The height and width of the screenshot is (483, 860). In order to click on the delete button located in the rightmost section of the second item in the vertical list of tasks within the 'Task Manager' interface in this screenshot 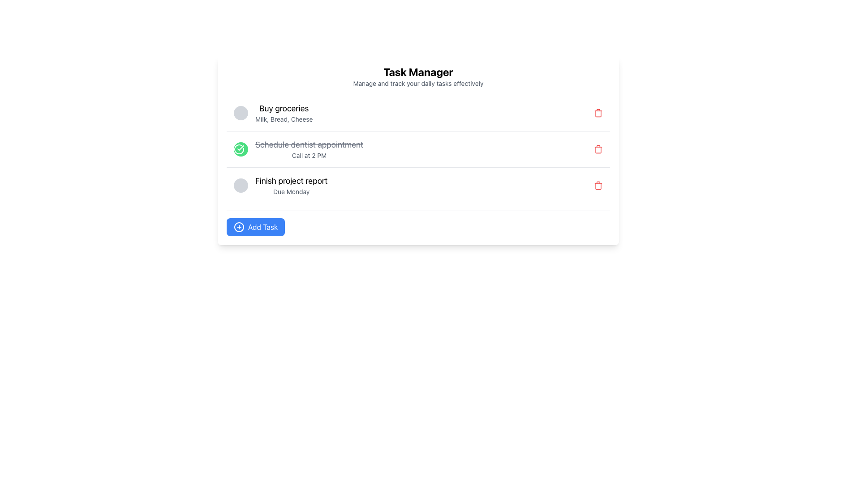, I will do `click(598, 149)`.